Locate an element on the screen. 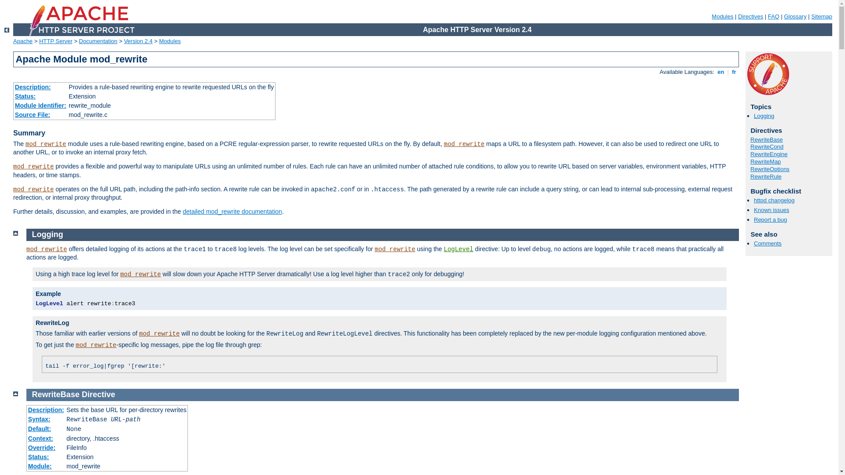 The height and width of the screenshot is (475, 845). 'mod_rewrite' is located at coordinates (33, 166).